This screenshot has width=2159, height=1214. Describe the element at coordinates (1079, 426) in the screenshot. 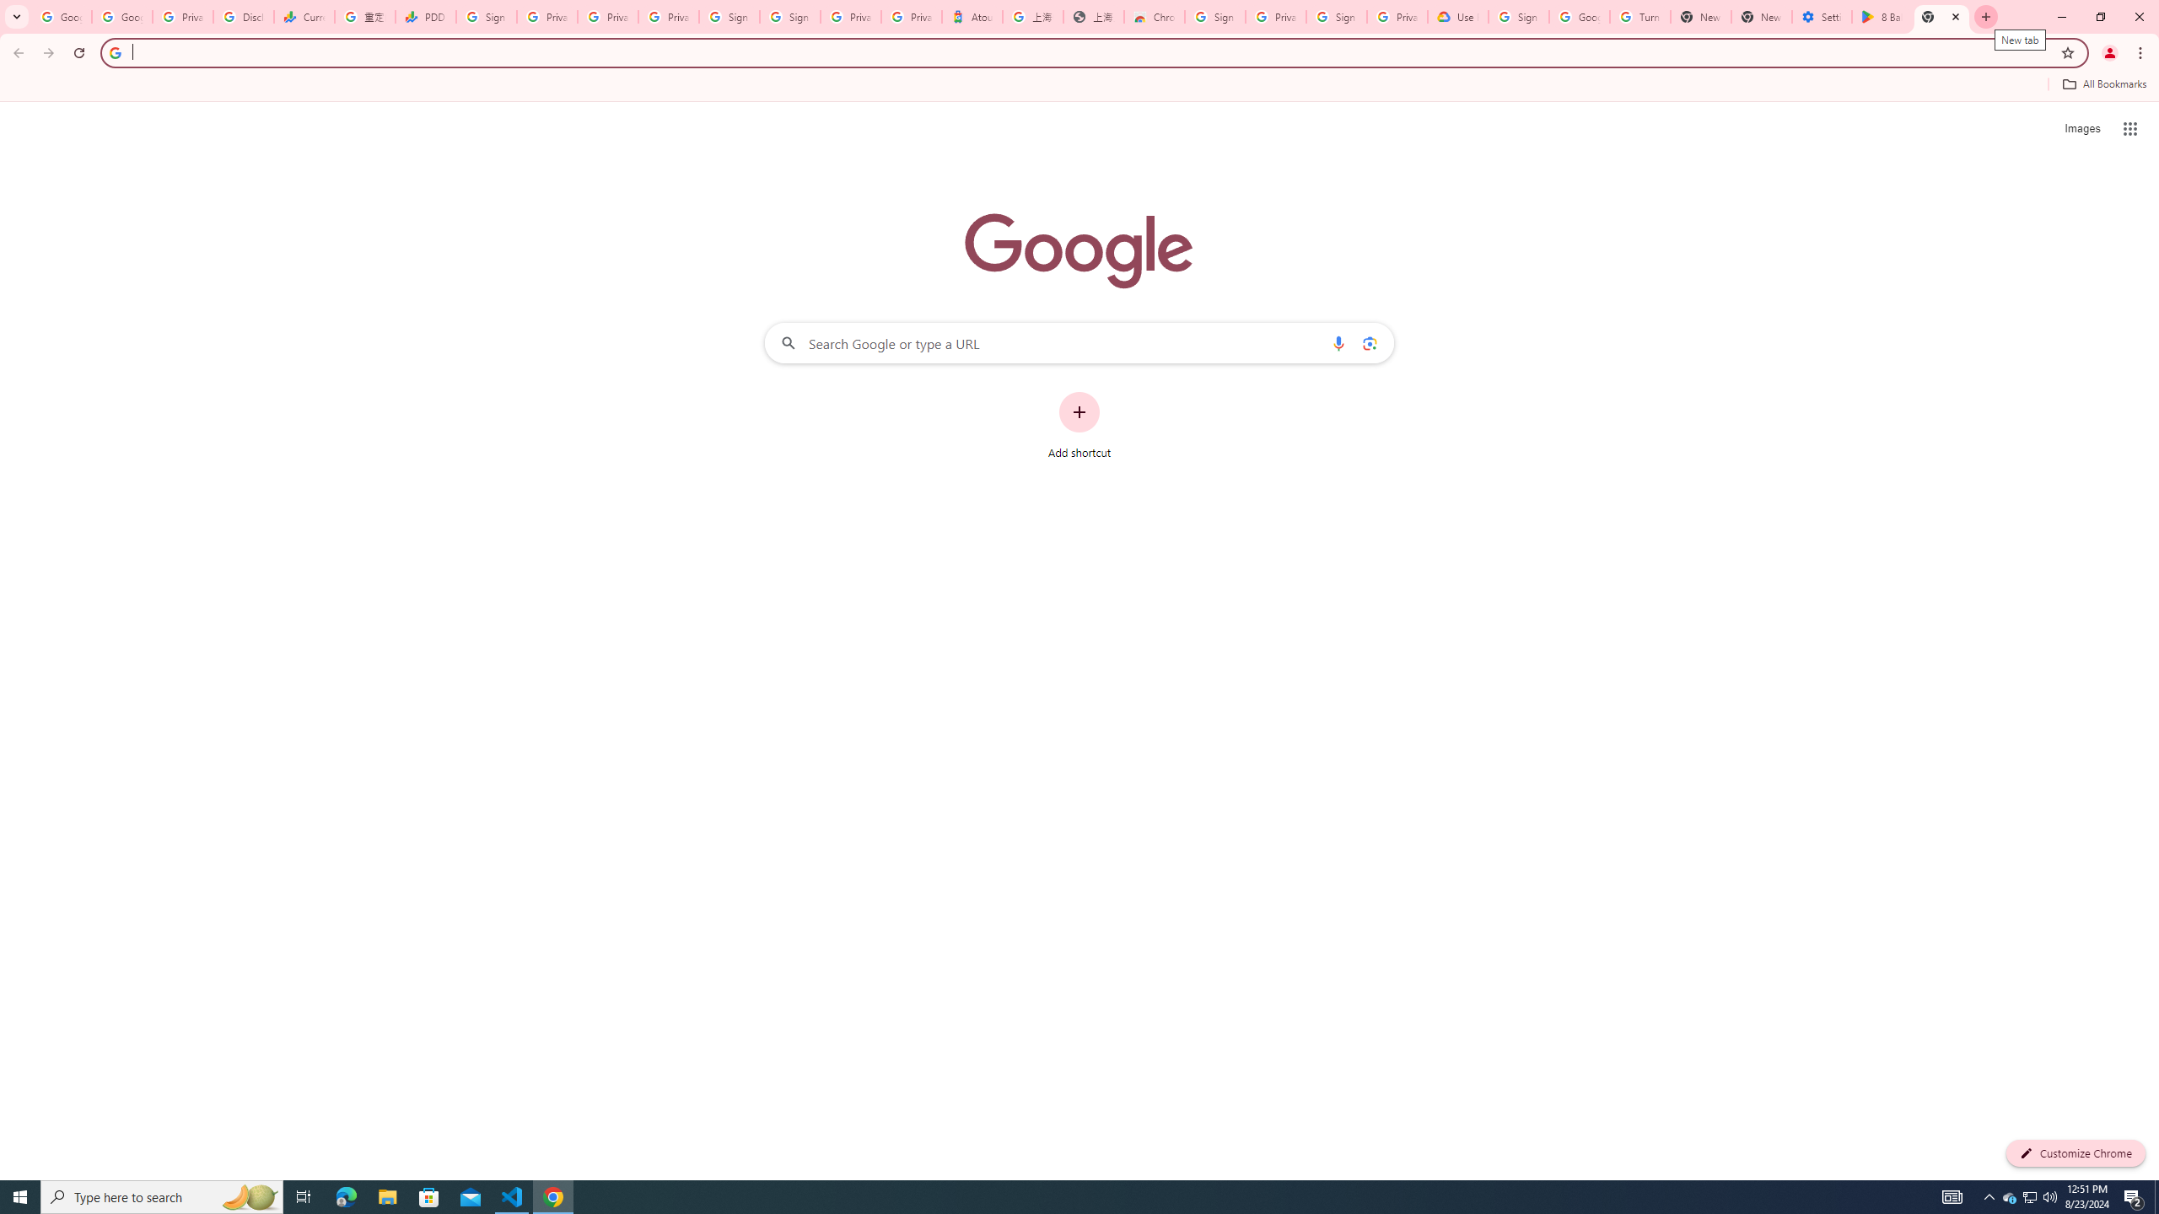

I see `'Add shortcut'` at that location.